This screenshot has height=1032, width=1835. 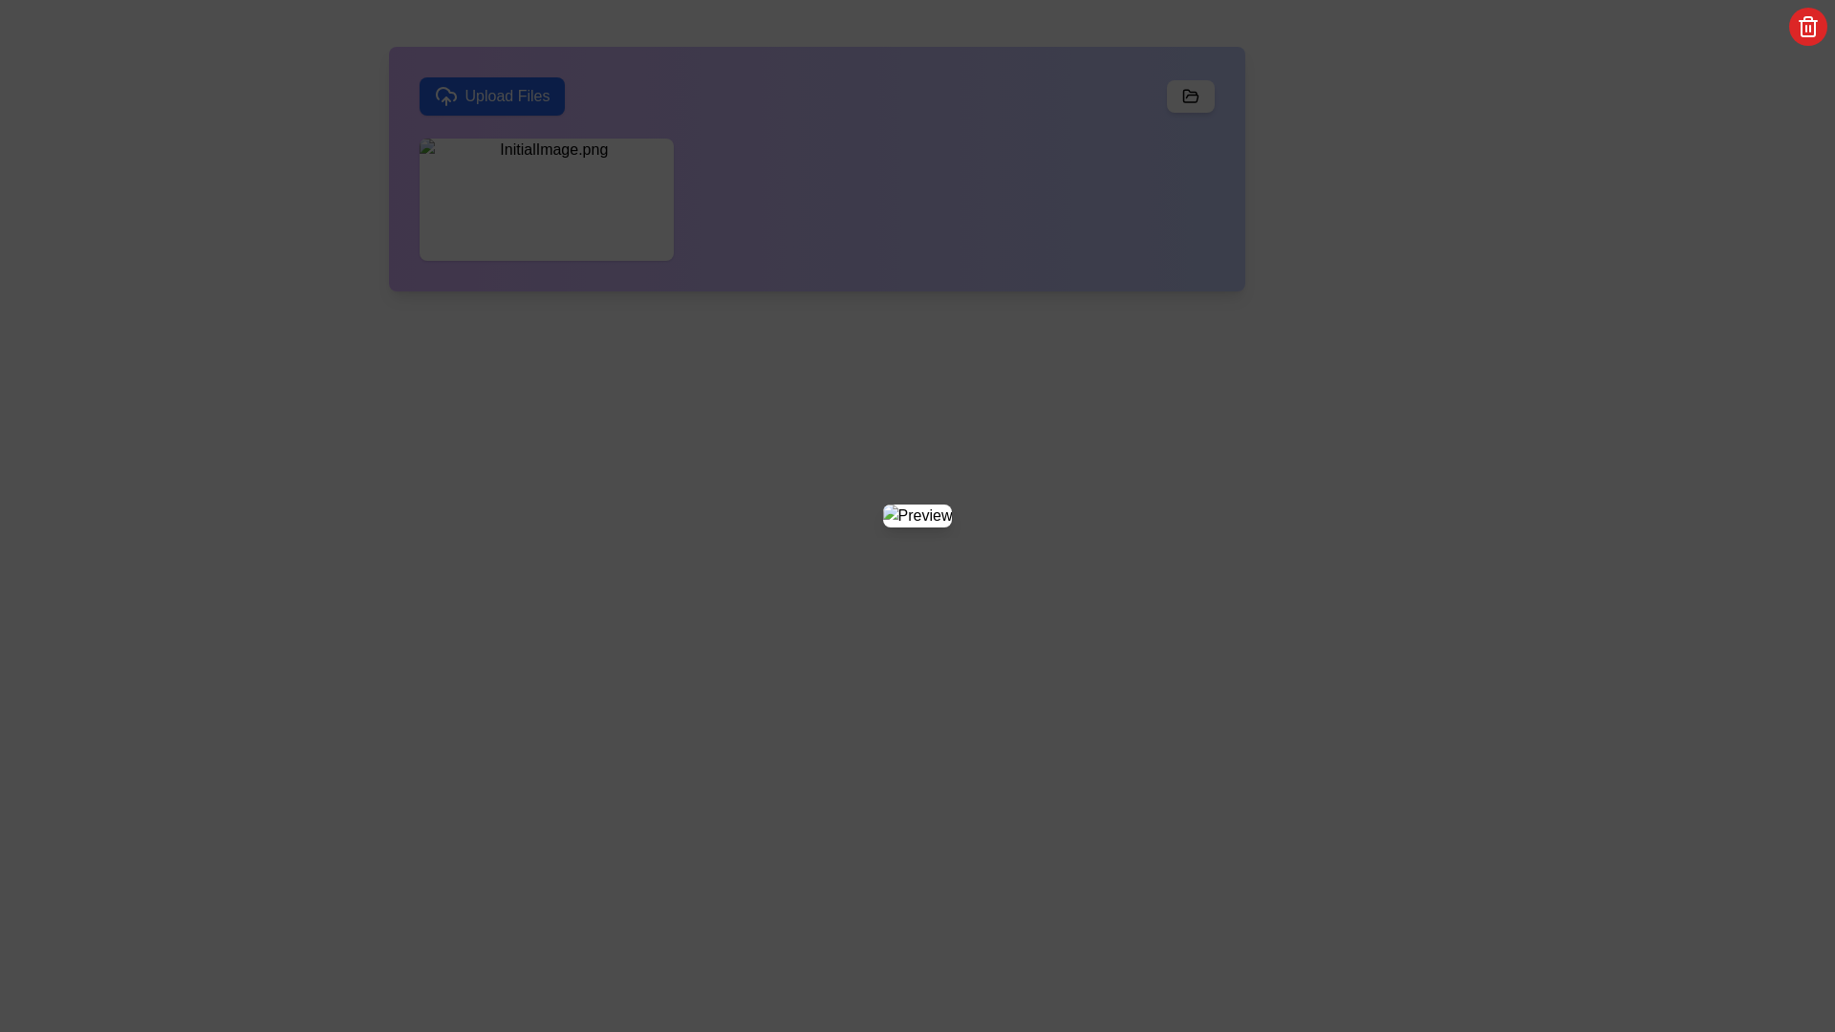 What do you see at coordinates (1189, 96) in the screenshot?
I see `the open folder icon within the rectangular button` at bounding box center [1189, 96].